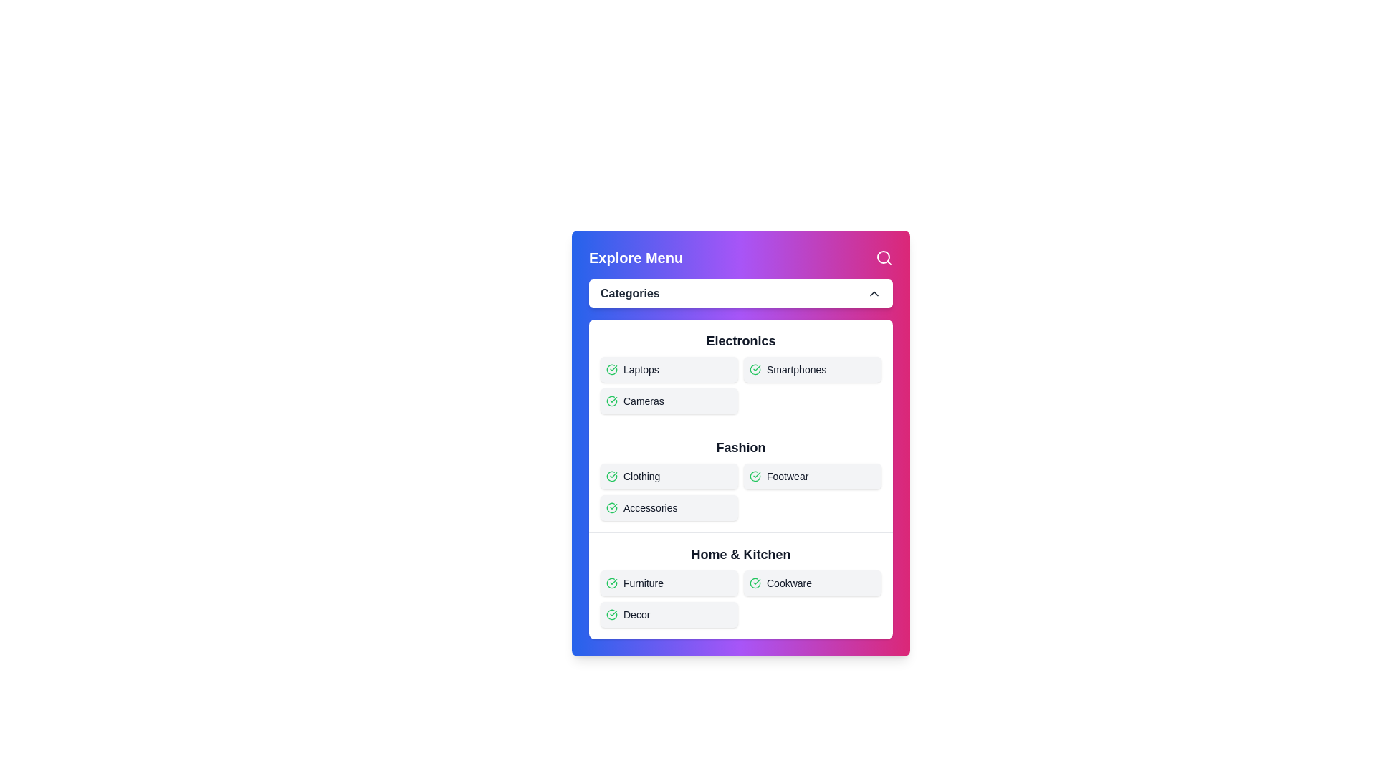 Image resolution: width=1376 pixels, height=774 pixels. What do you see at coordinates (612, 476) in the screenshot?
I see `the circular green checkmark icon indicating 'success' status located next to the 'Clothing' text in the Fashion section` at bounding box center [612, 476].